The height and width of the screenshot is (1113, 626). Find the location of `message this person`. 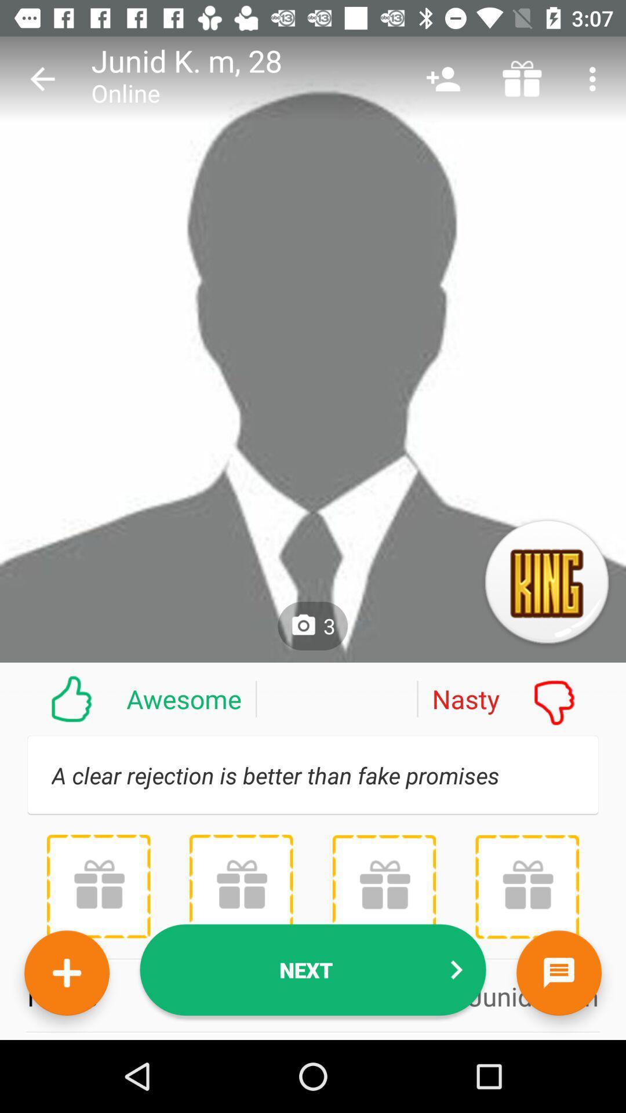

message this person is located at coordinates (558, 973).